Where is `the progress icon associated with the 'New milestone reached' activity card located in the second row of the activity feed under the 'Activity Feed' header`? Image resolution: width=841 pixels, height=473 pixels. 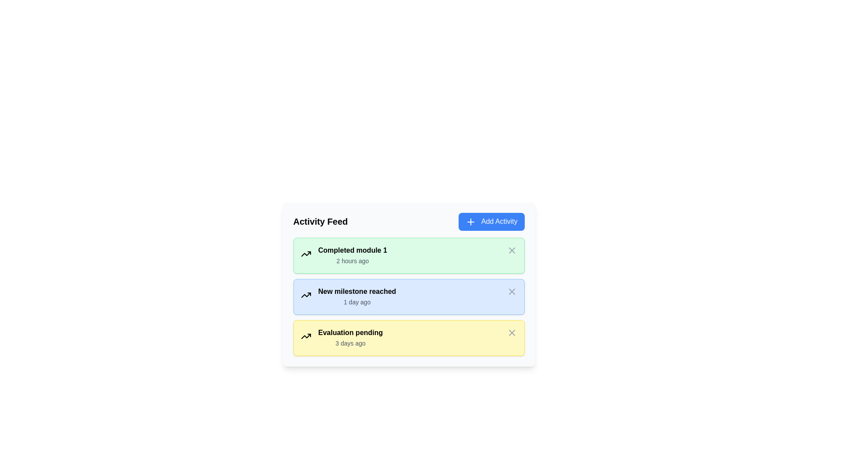
the progress icon associated with the 'New milestone reached' activity card located in the second row of the activity feed under the 'Activity Feed' header is located at coordinates (306, 295).